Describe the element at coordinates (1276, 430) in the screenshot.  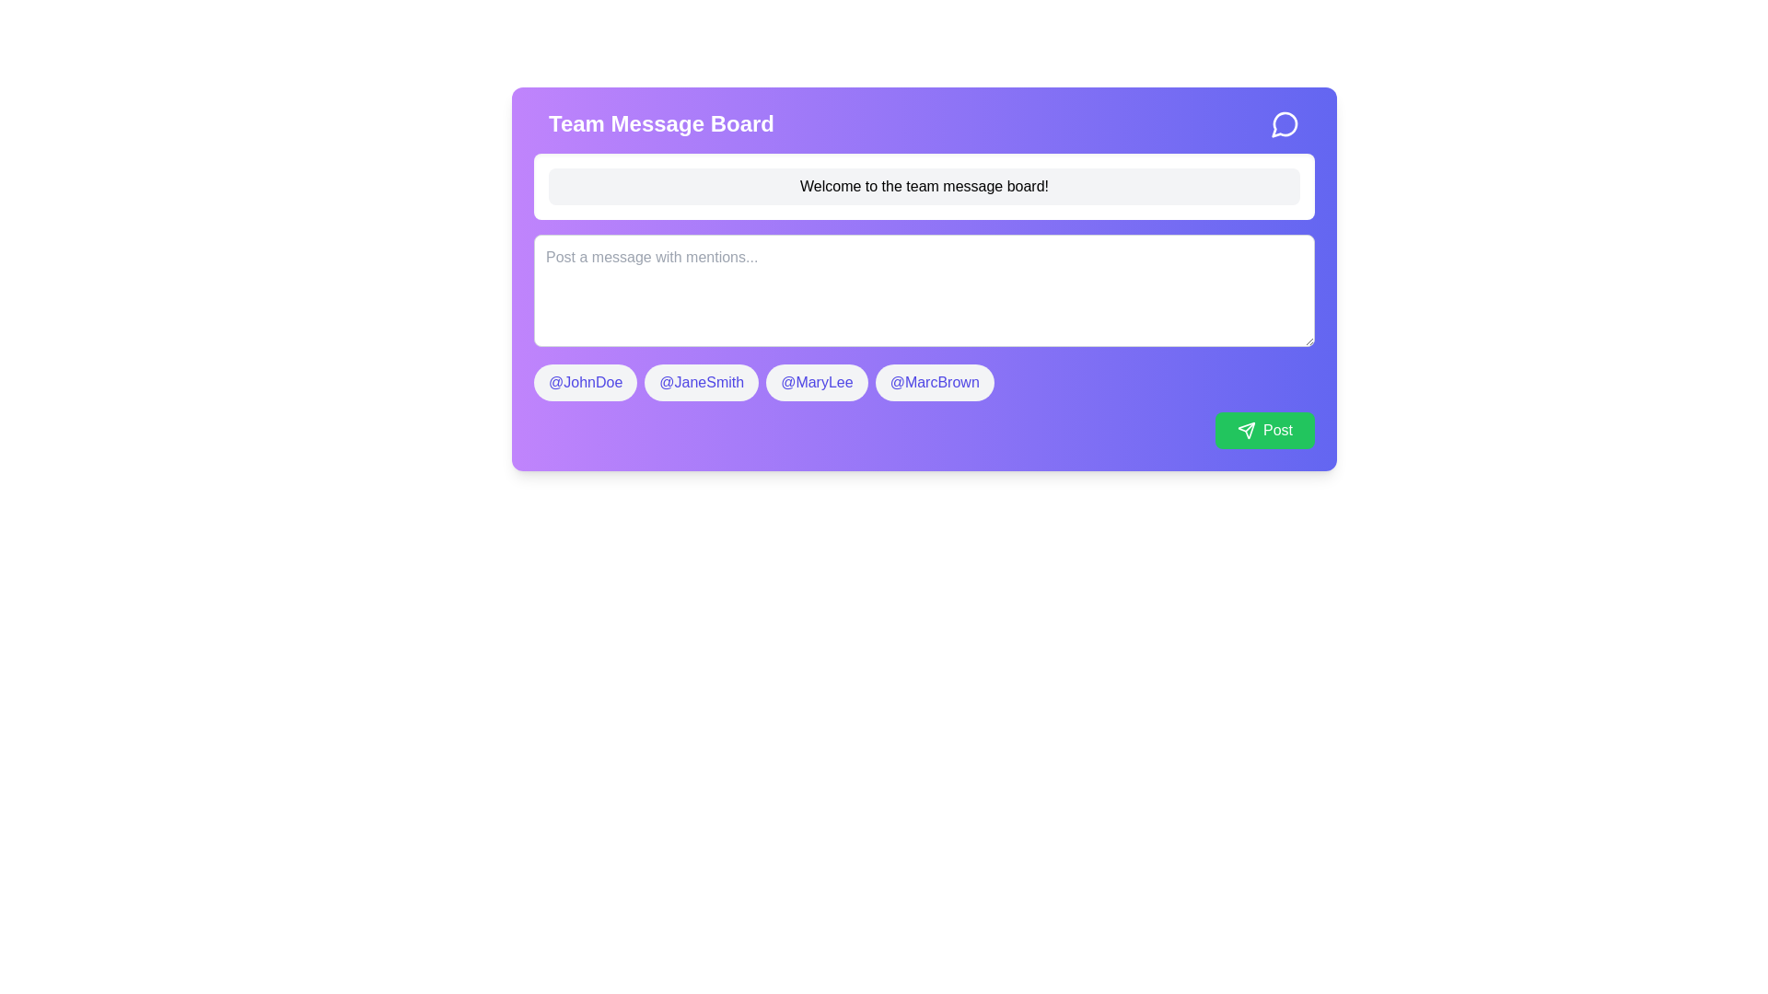
I see `text 'Post' located in the center of the green button at the bottom right corner of the purple message board to understand its purpose for submitting content` at that location.